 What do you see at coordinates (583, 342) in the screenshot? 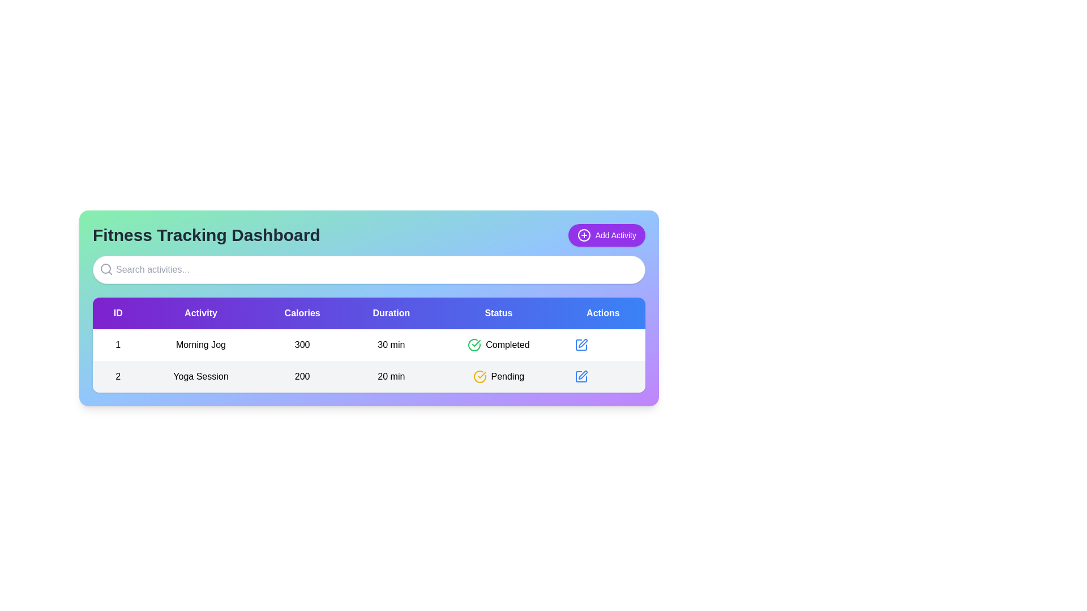
I see `the blue stylized pen icon in the 'Actions' column of the 'Morning Jog' activity to initiate editing` at bounding box center [583, 342].